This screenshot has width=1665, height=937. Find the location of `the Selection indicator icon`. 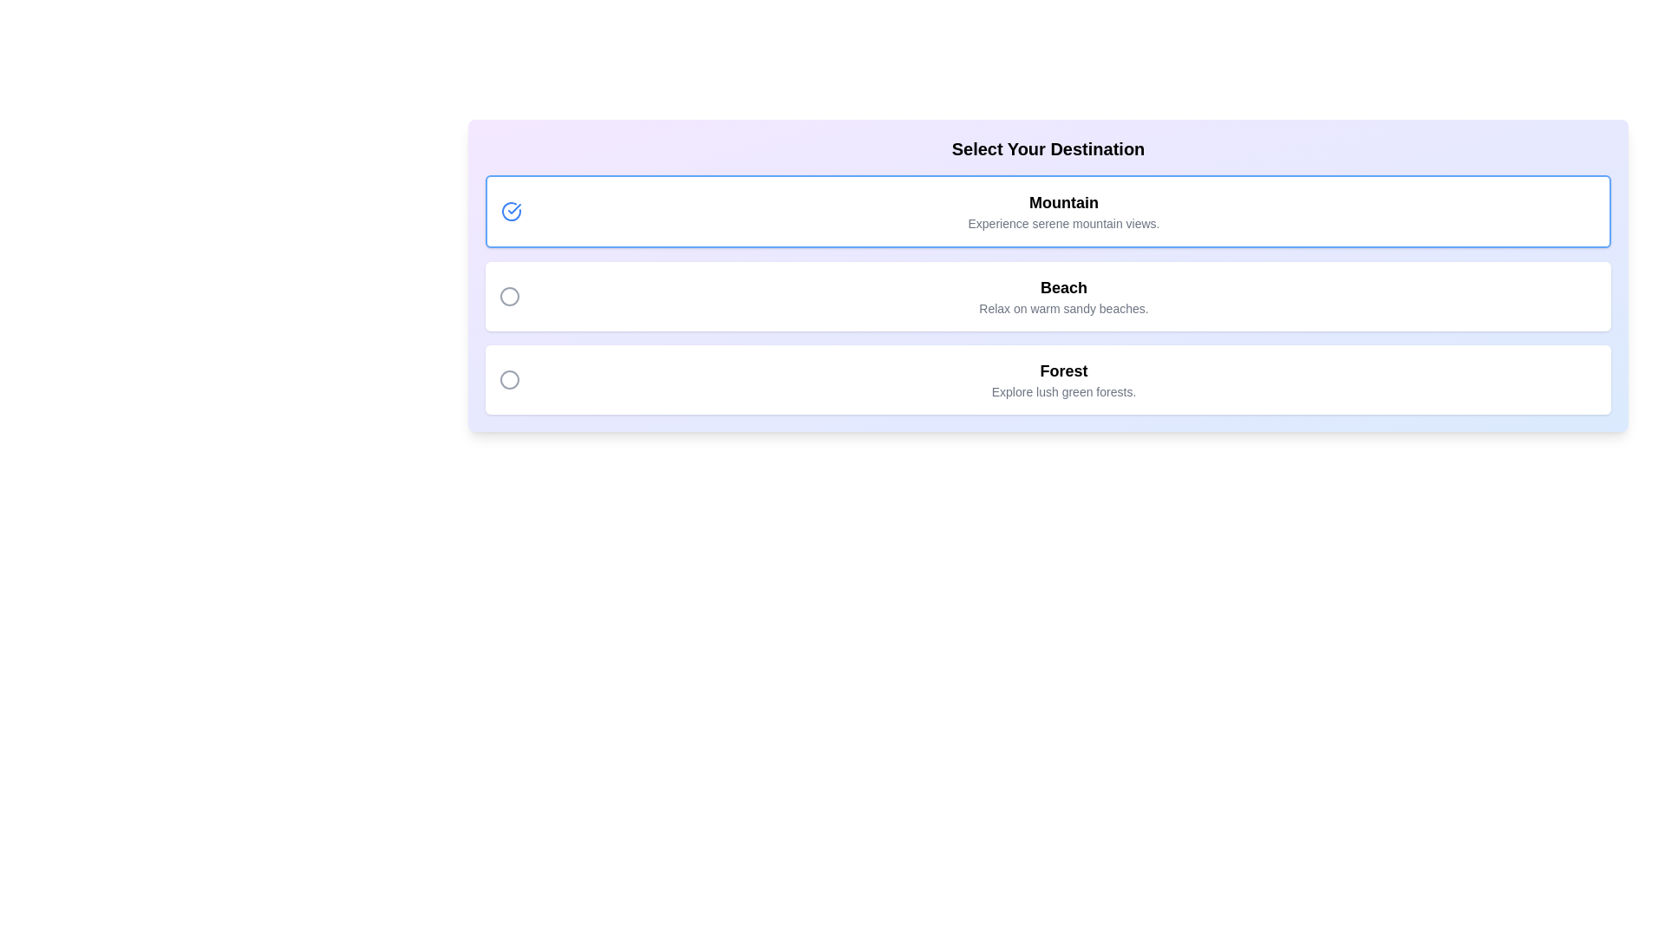

the Selection indicator icon is located at coordinates (511, 210).